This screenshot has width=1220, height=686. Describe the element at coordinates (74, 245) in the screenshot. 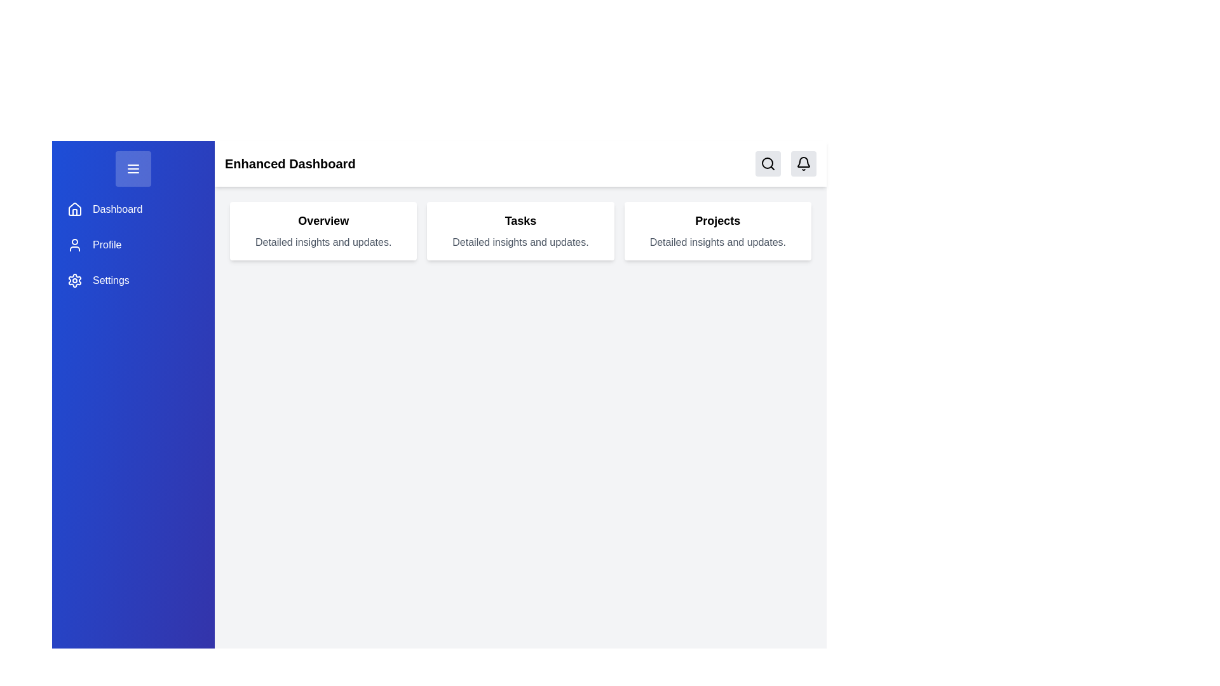

I see `the user icon in the sidebar menu, located to the left of the 'Profile' text` at that location.